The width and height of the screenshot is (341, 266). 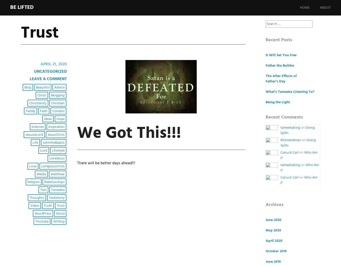 I want to click on 'Word', so click(x=60, y=213).